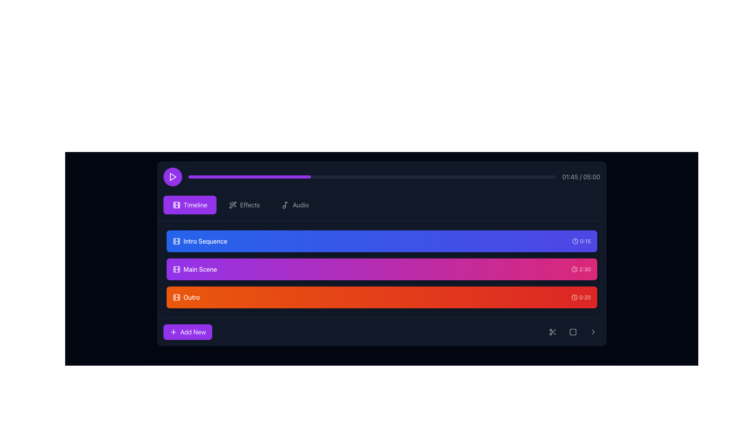 The height and width of the screenshot is (421, 749). Describe the element at coordinates (552, 332) in the screenshot. I see `the scissors icon, which represents a cut operation, located in the bottom-right corner of the interface panel` at that location.